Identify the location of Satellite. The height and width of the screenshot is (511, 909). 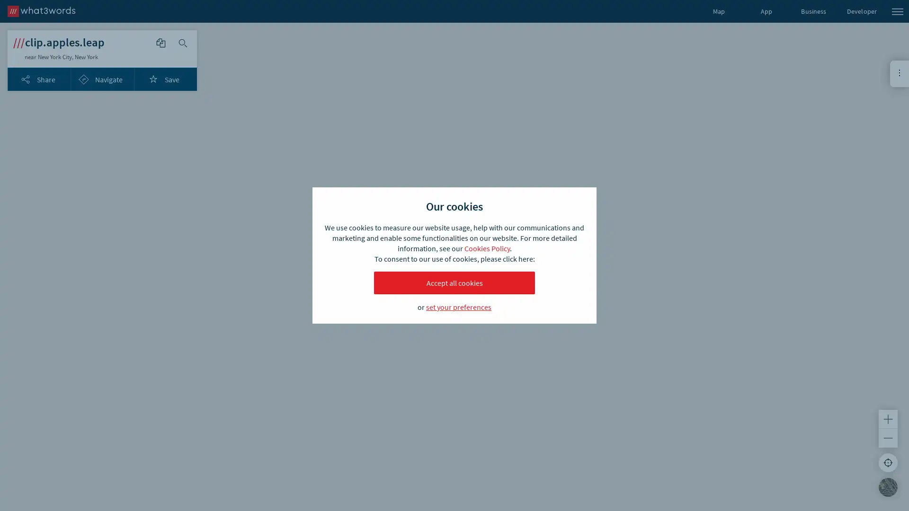
(888, 487).